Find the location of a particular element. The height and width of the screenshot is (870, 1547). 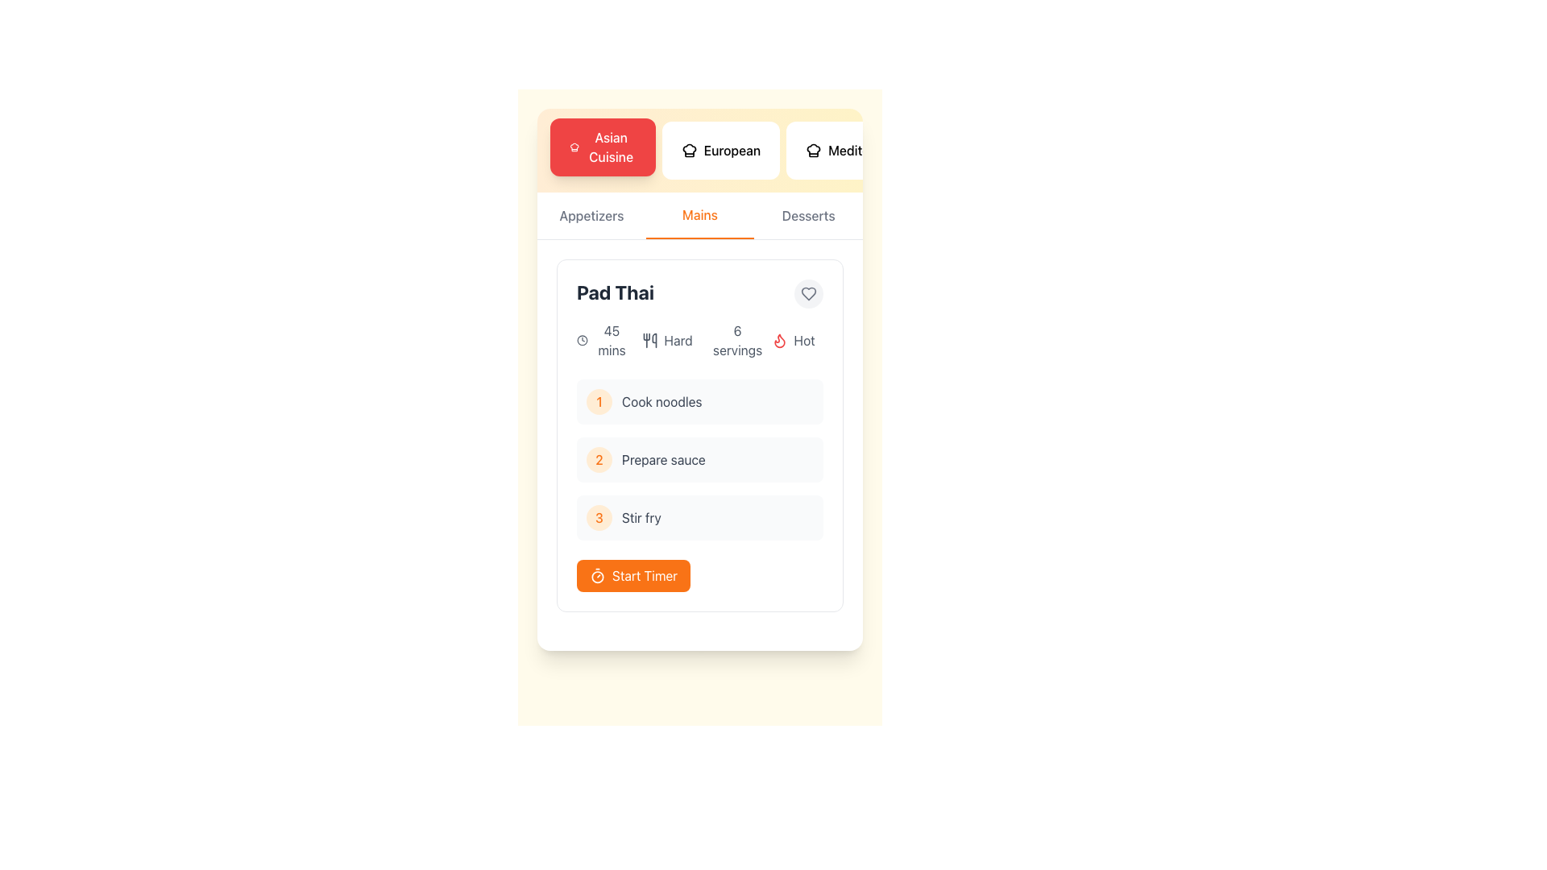

the circular vector shape outlined with a stroke that represents the clock's face in the top-left section of the content card is located at coordinates (582, 340).